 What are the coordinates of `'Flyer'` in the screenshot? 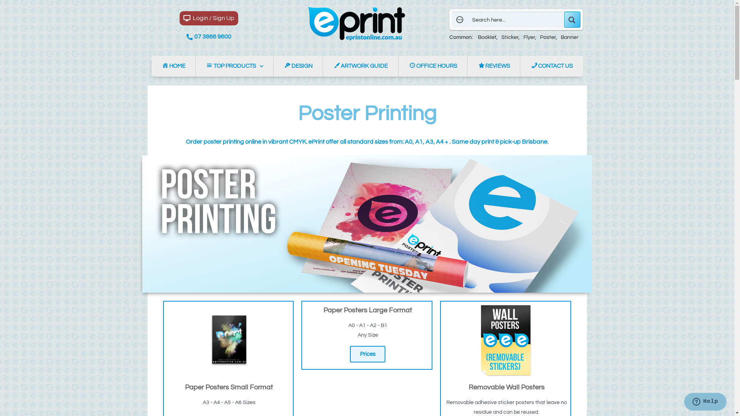 It's located at (529, 37).